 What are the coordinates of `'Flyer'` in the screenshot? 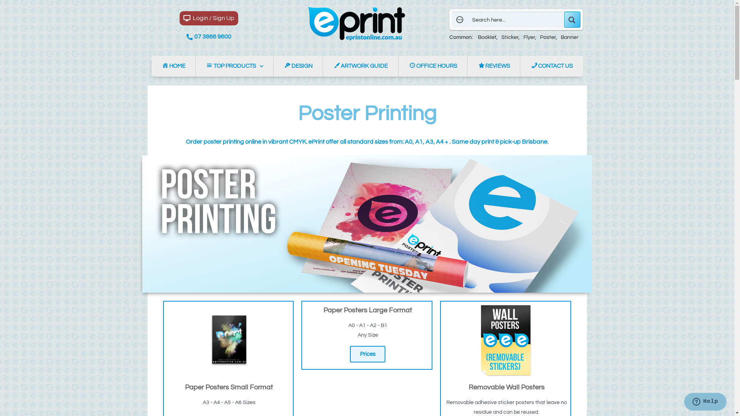 It's located at (529, 37).